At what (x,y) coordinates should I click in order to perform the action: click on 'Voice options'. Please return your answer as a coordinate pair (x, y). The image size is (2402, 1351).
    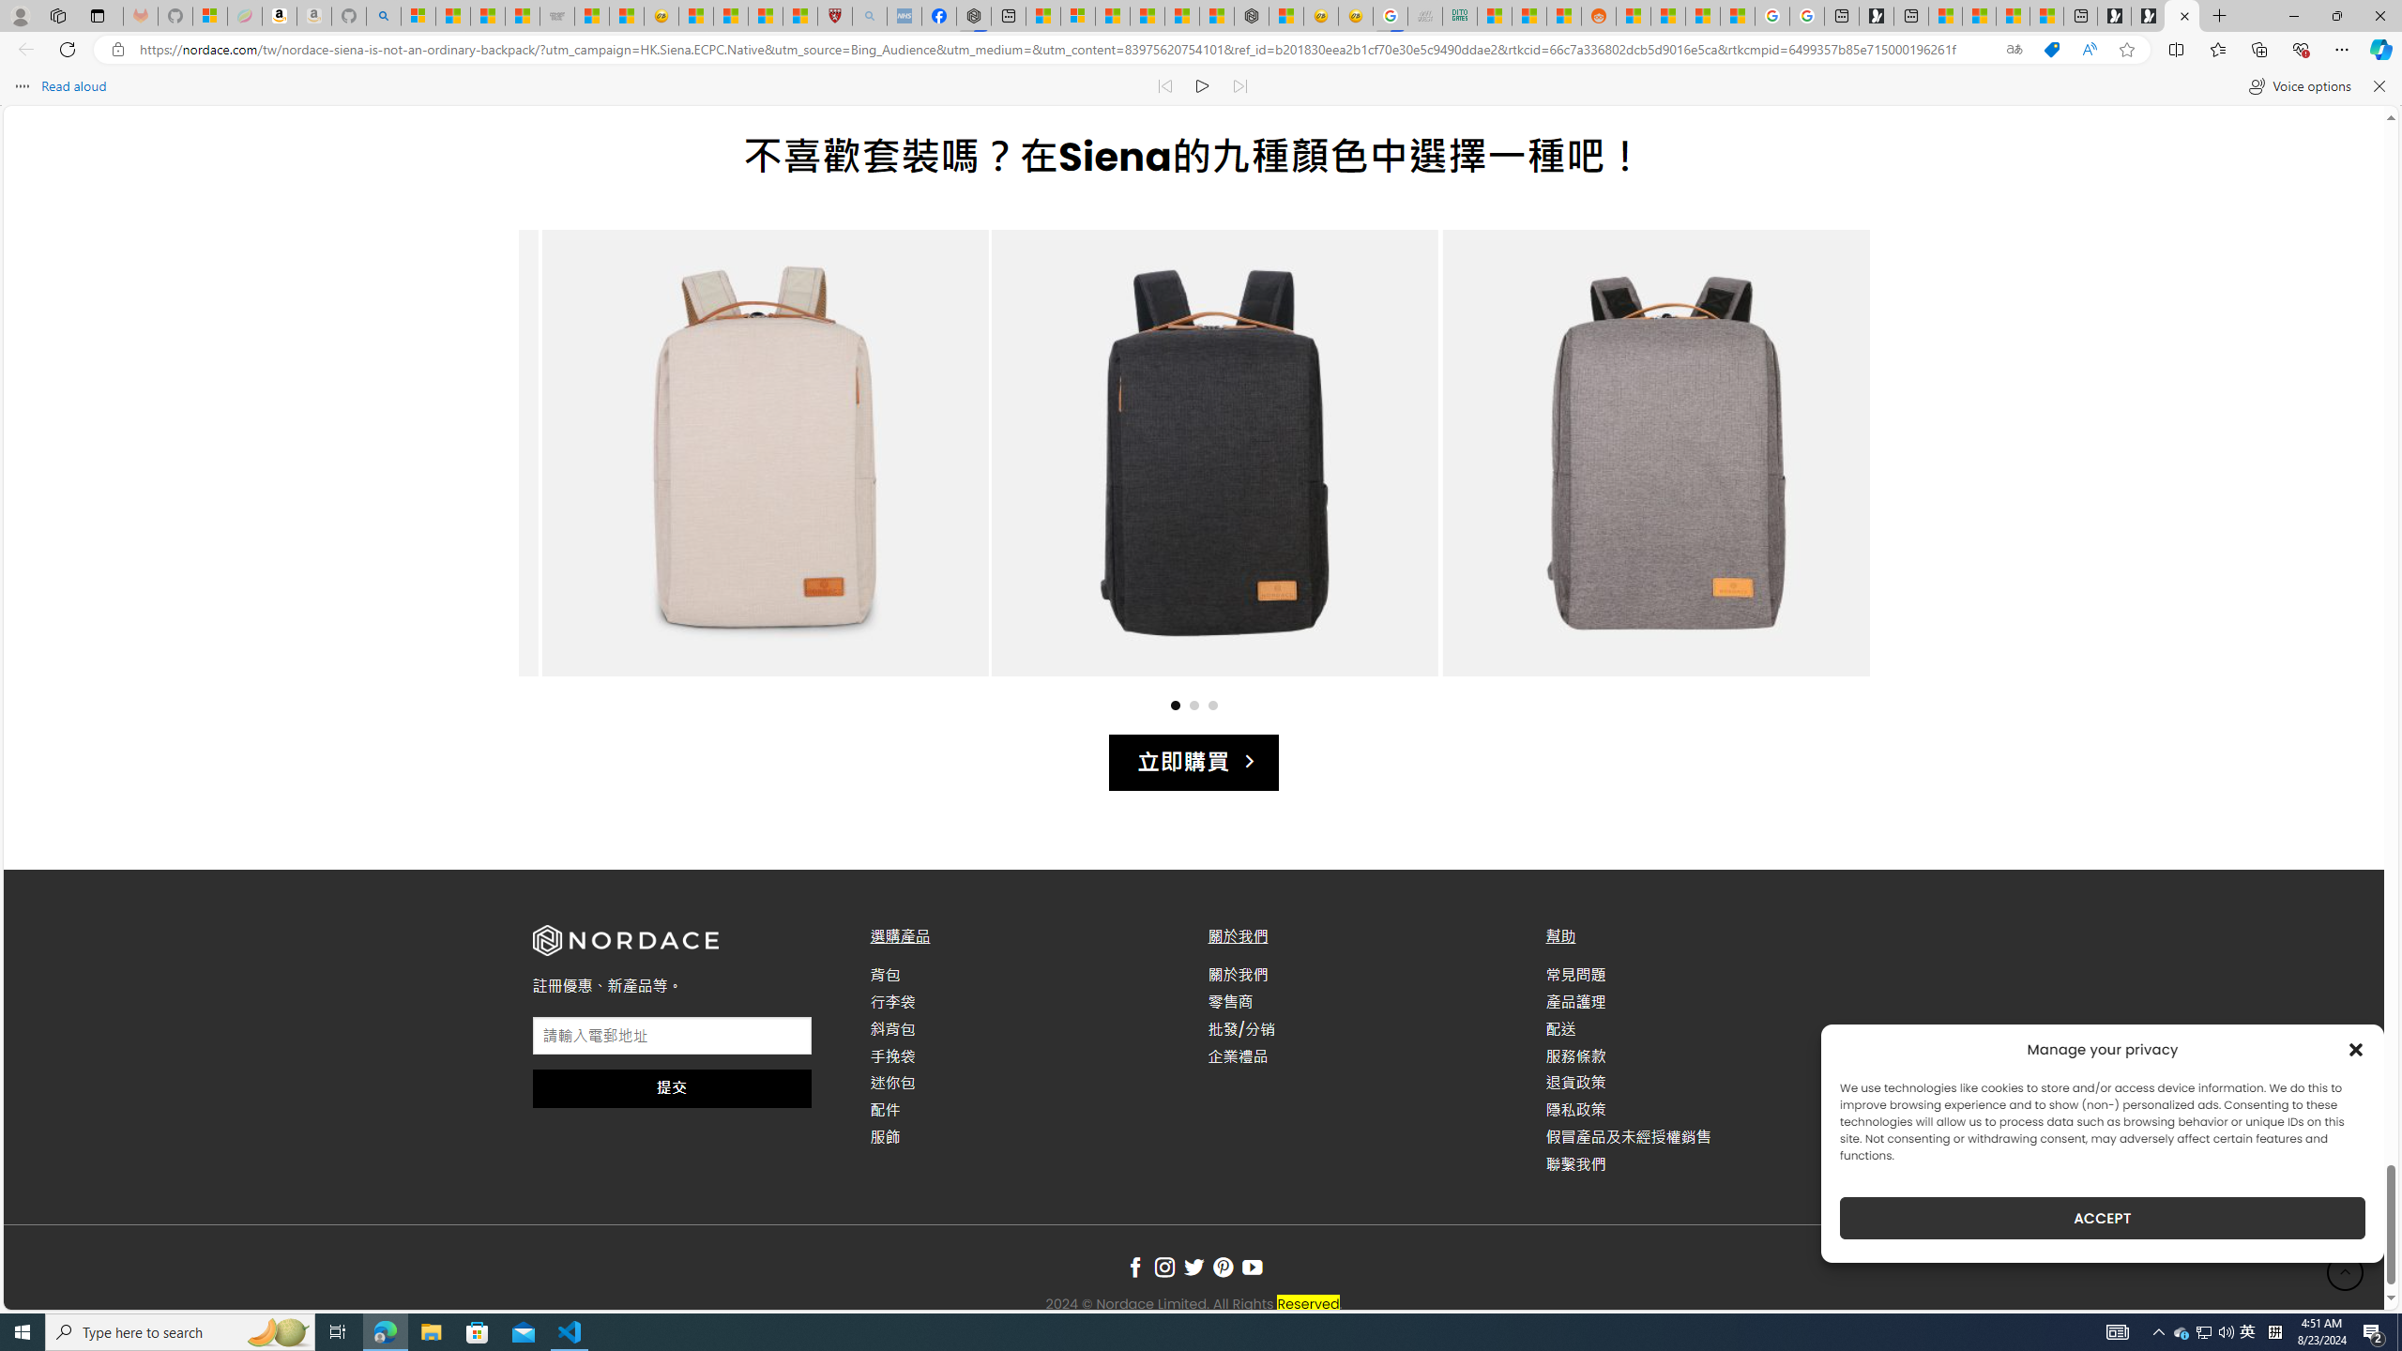
    Looking at the image, I should click on (2299, 85).